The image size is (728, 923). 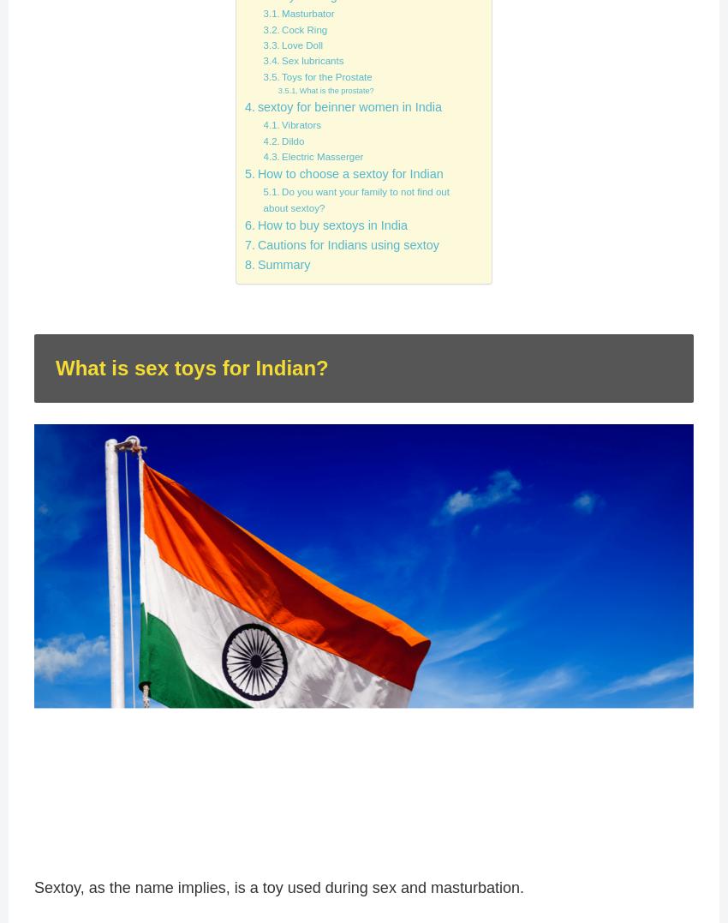 I want to click on 'How to buy sextoys in India', so click(x=332, y=225).